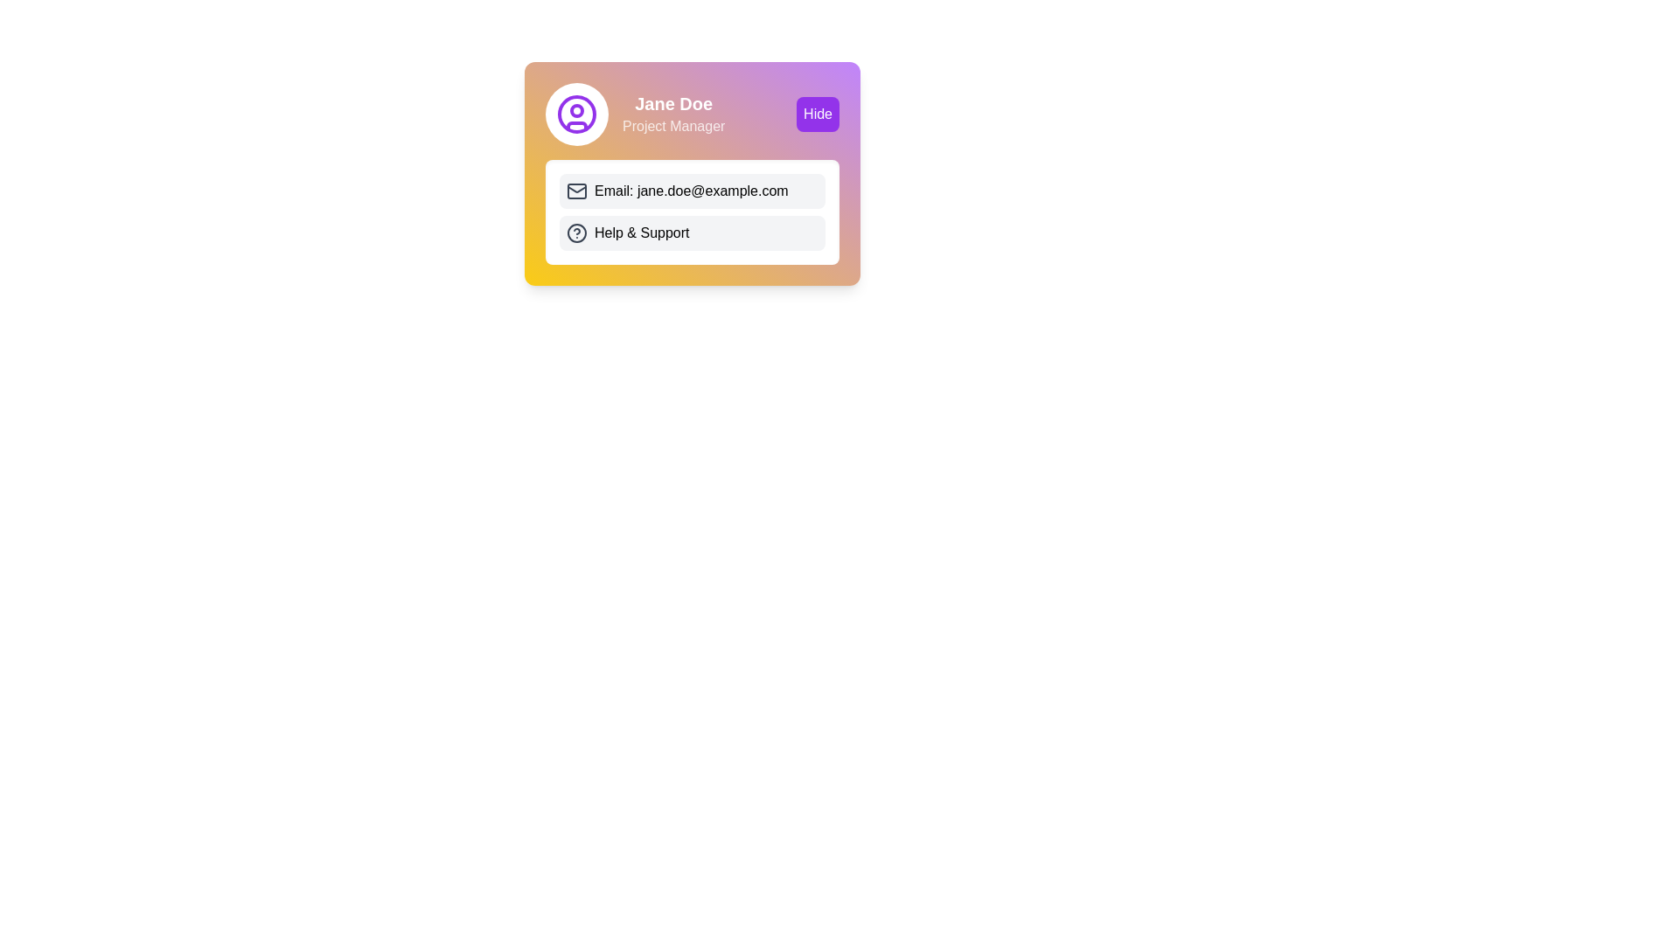 The height and width of the screenshot is (944, 1679). What do you see at coordinates (577, 111) in the screenshot?
I see `the small circle component of the user profile icon, which is located at the upper part of the icon on the left side of the card layout` at bounding box center [577, 111].